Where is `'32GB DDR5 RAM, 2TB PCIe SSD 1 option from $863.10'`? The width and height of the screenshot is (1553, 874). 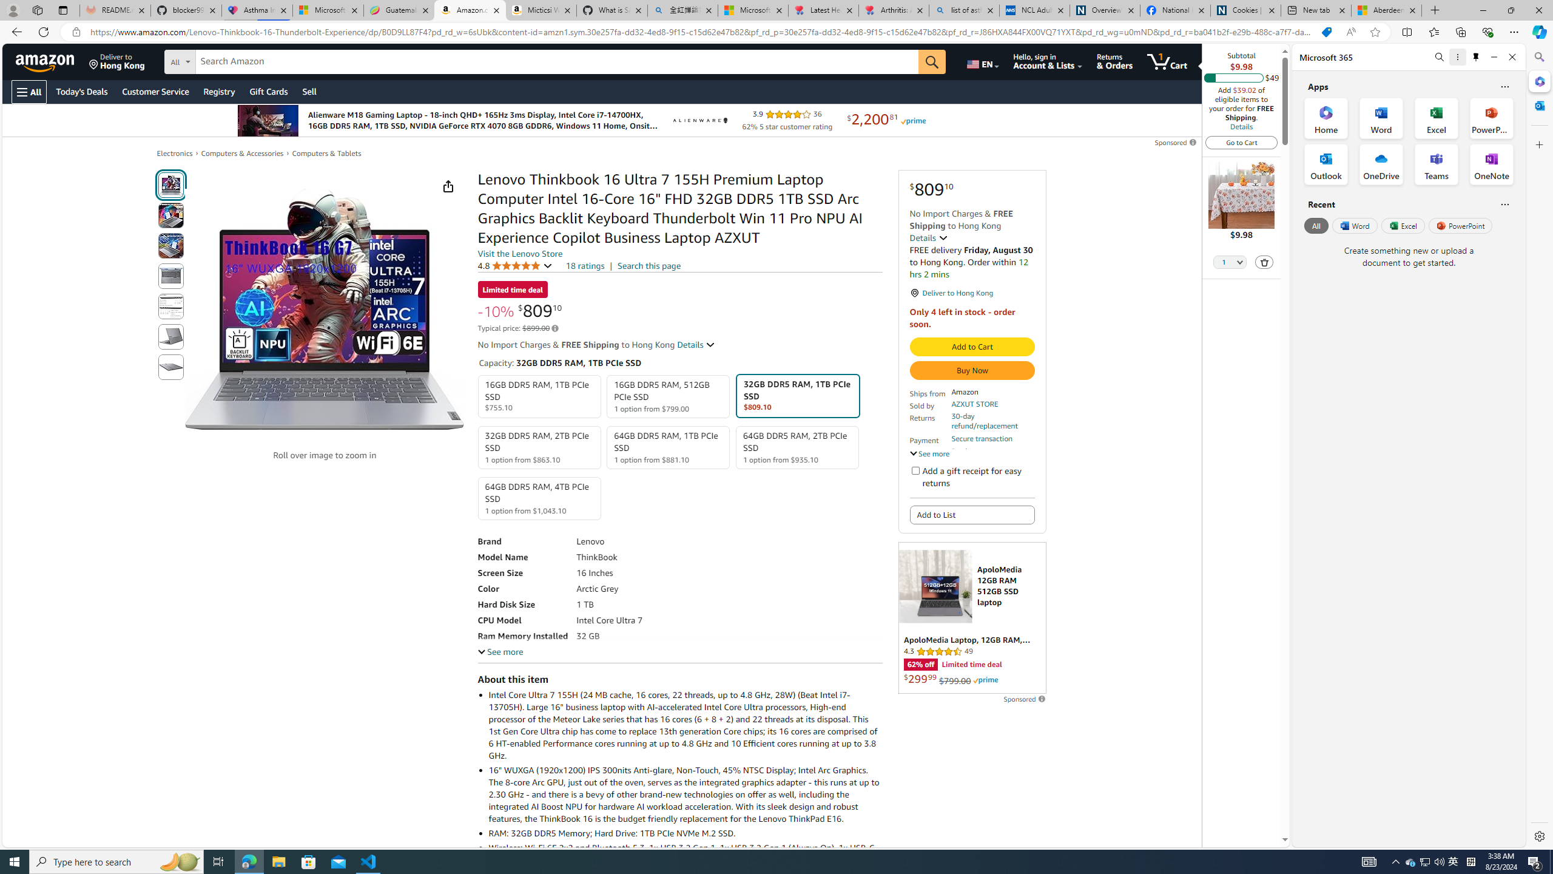
'32GB DDR5 RAM, 2TB PCIe SSD 1 option from $863.10' is located at coordinates (539, 447).